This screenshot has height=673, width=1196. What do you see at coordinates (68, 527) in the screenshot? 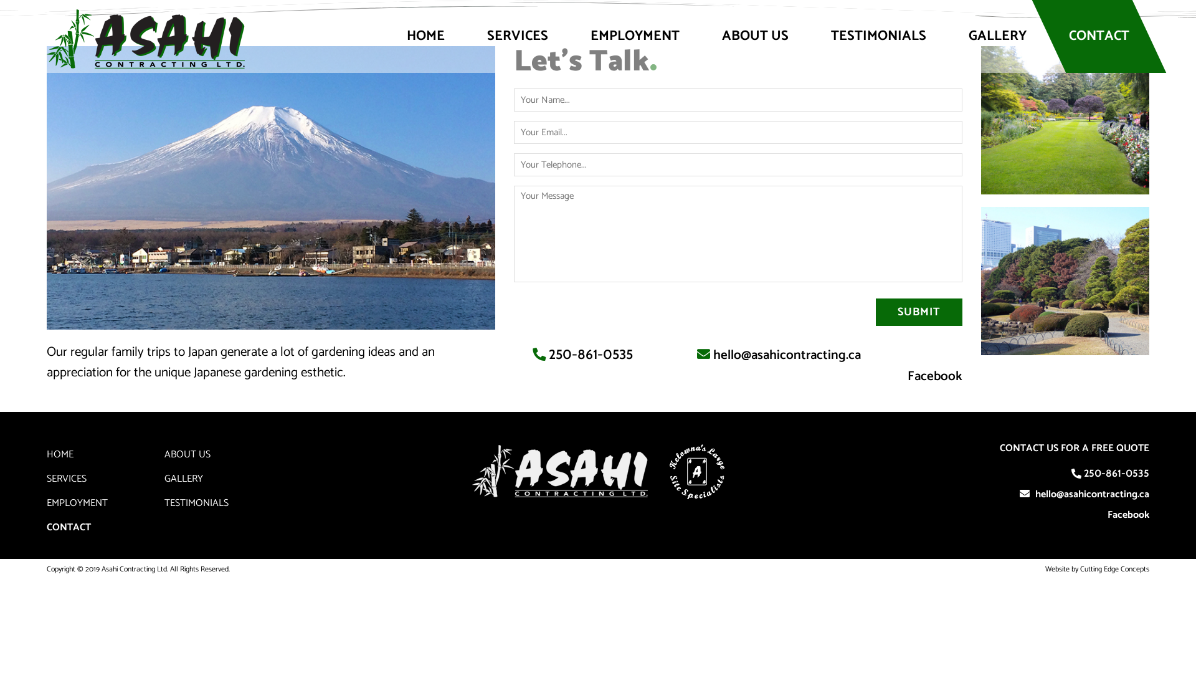
I see `'CONTACT'` at bounding box center [68, 527].